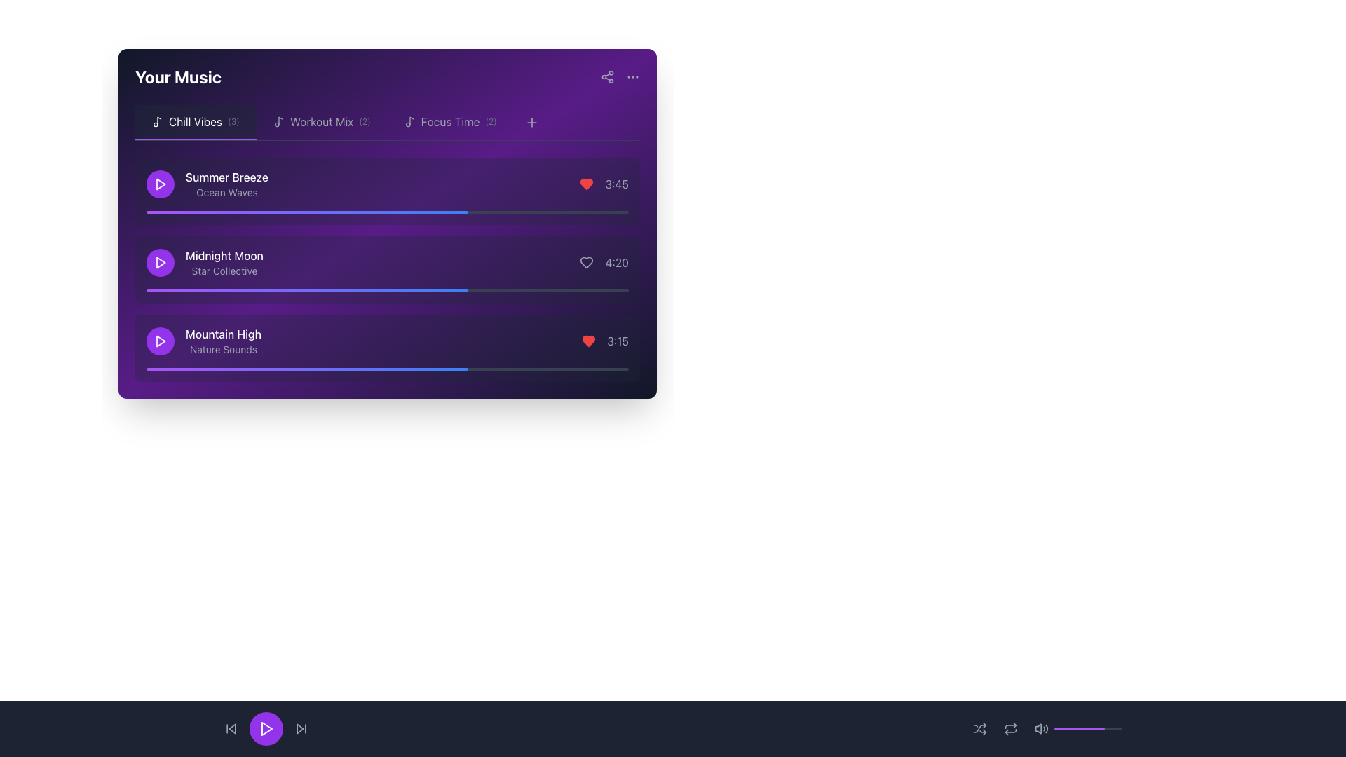 The width and height of the screenshot is (1346, 757). Describe the element at coordinates (222, 341) in the screenshot. I see `the text label that displays 'Mountain High' and 'Nature Sounds'` at that location.